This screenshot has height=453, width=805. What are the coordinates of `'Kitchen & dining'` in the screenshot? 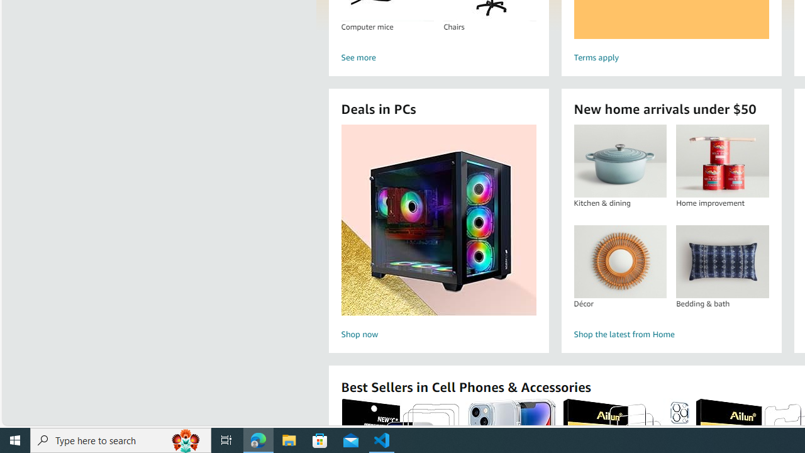 It's located at (619, 160).